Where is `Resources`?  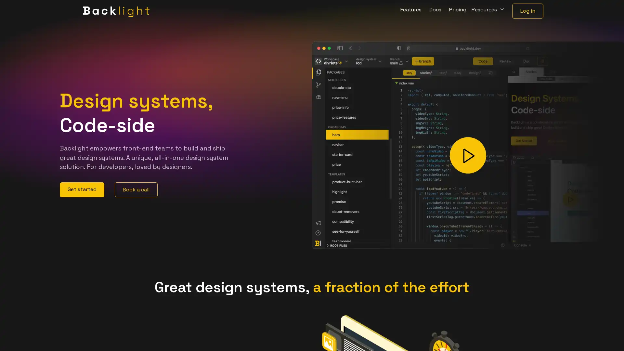 Resources is located at coordinates (488, 11).